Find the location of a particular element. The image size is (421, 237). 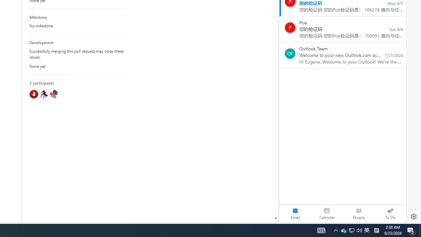

'@hawkeye116477' is located at coordinates (43, 94).